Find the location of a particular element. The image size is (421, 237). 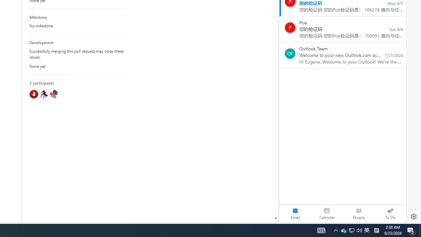

'@hawkeye116477' is located at coordinates (43, 94).